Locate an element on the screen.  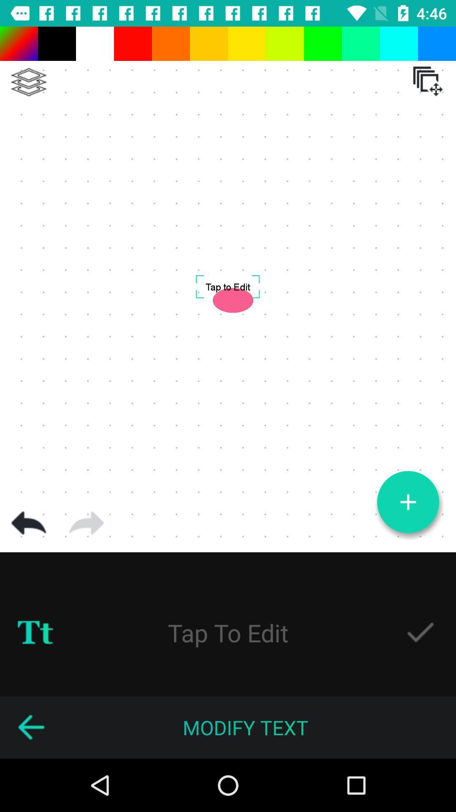
tap to edit is located at coordinates (228, 632).